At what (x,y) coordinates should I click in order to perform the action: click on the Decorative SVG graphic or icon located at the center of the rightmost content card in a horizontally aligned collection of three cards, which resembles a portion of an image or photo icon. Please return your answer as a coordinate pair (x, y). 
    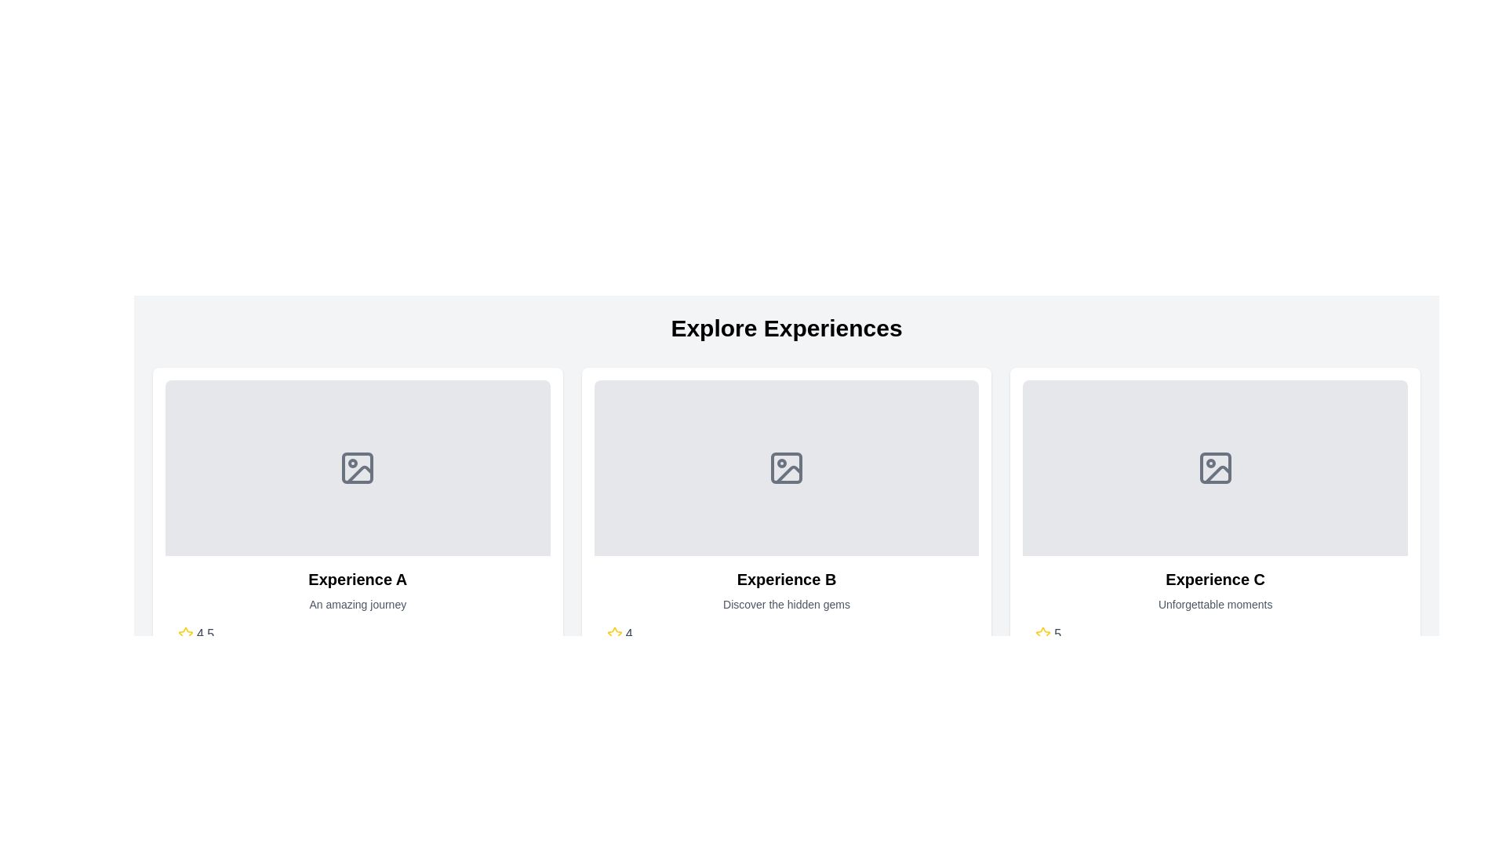
    Looking at the image, I should click on (1217, 474).